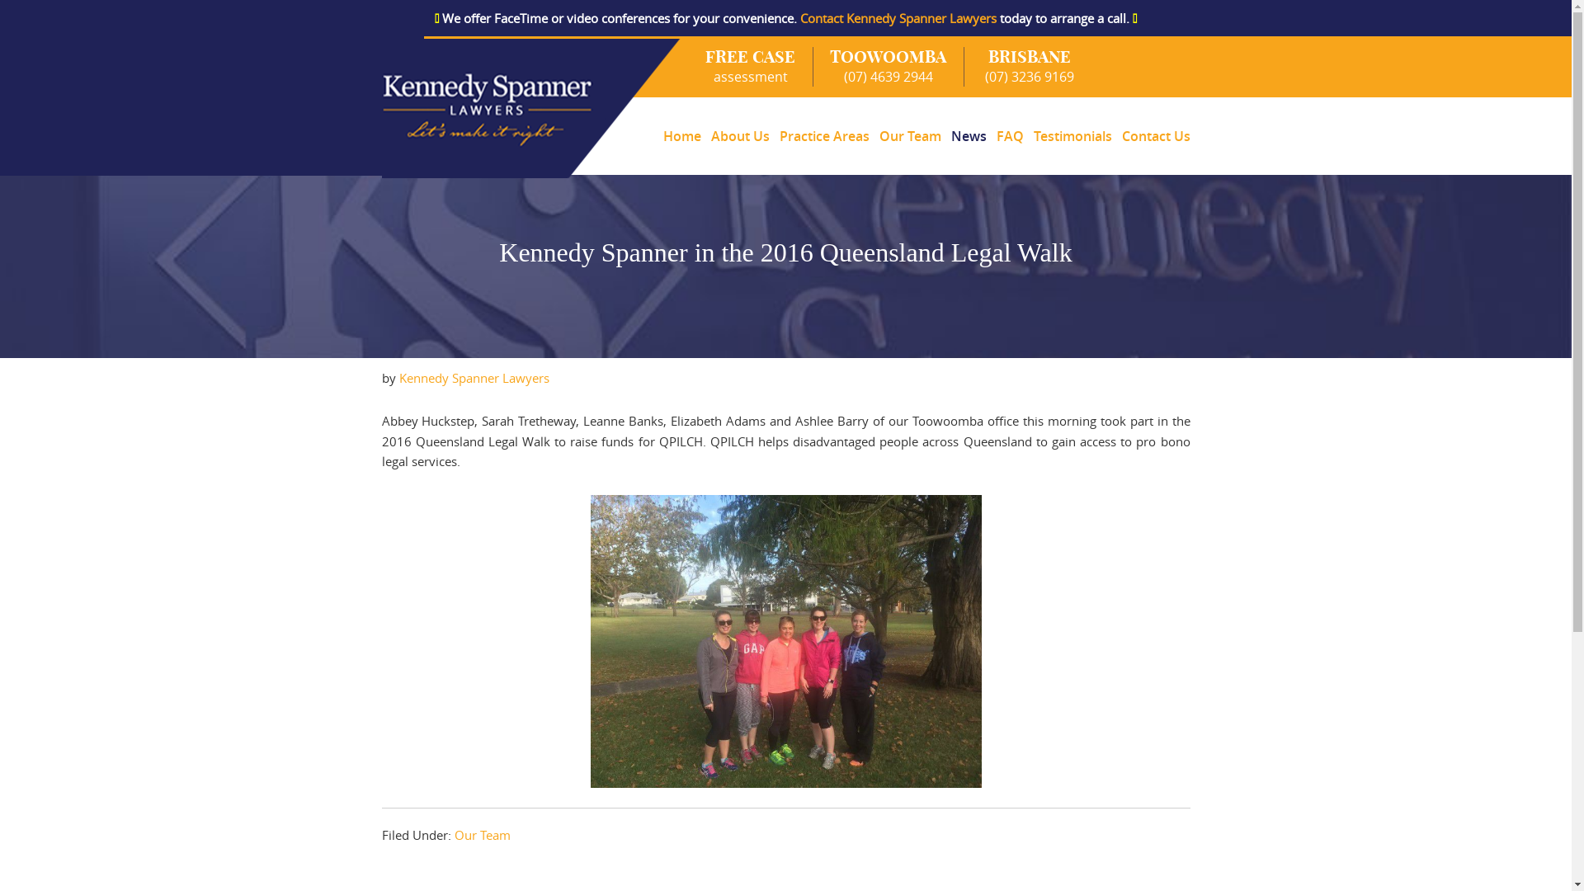 This screenshot has width=1584, height=891. What do you see at coordinates (898, 18) in the screenshot?
I see `'Contact Kennedy Spanner Lawyers'` at bounding box center [898, 18].